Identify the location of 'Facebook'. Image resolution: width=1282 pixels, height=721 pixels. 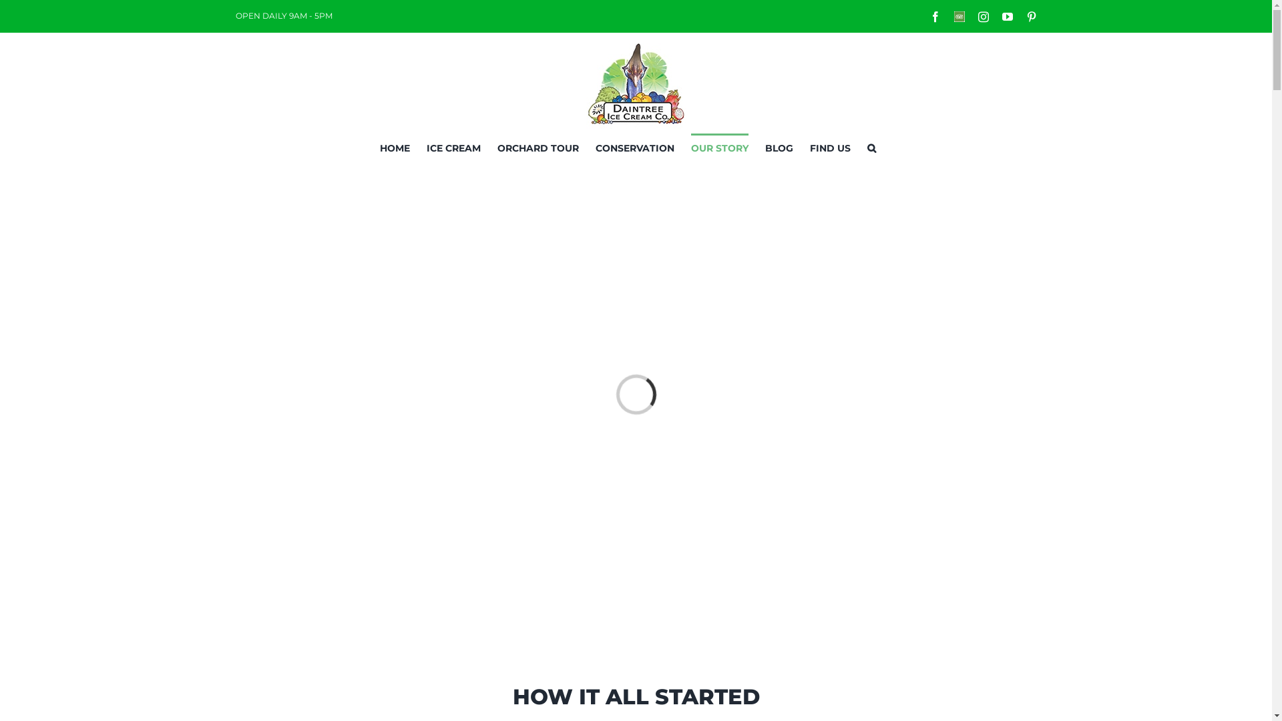
(934, 15).